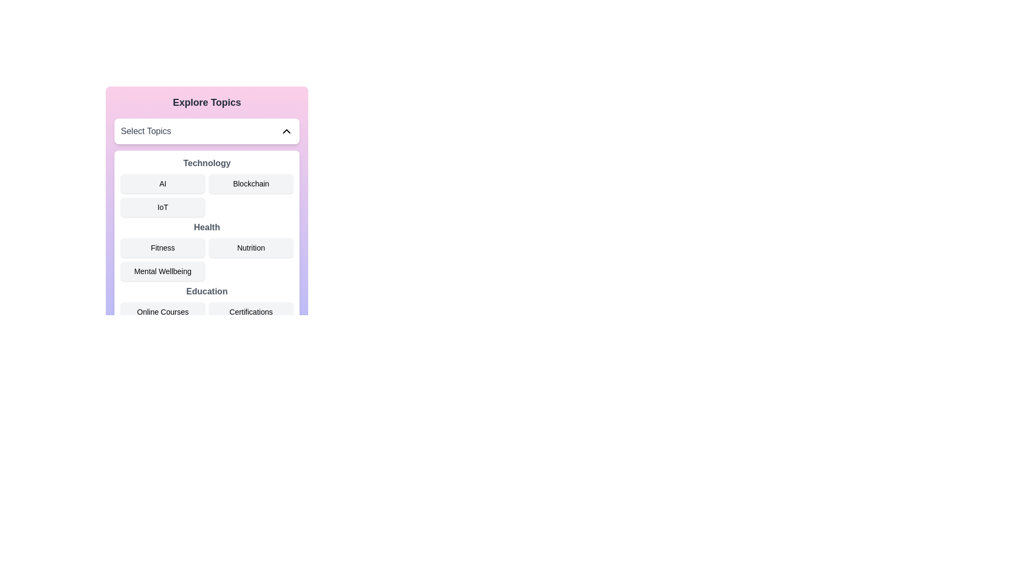  I want to click on the 'IoT' button, which is a rectangular button with rounded corners, containing the text 'IoT' in bold, located under the 'Technology' section, so click(162, 207).